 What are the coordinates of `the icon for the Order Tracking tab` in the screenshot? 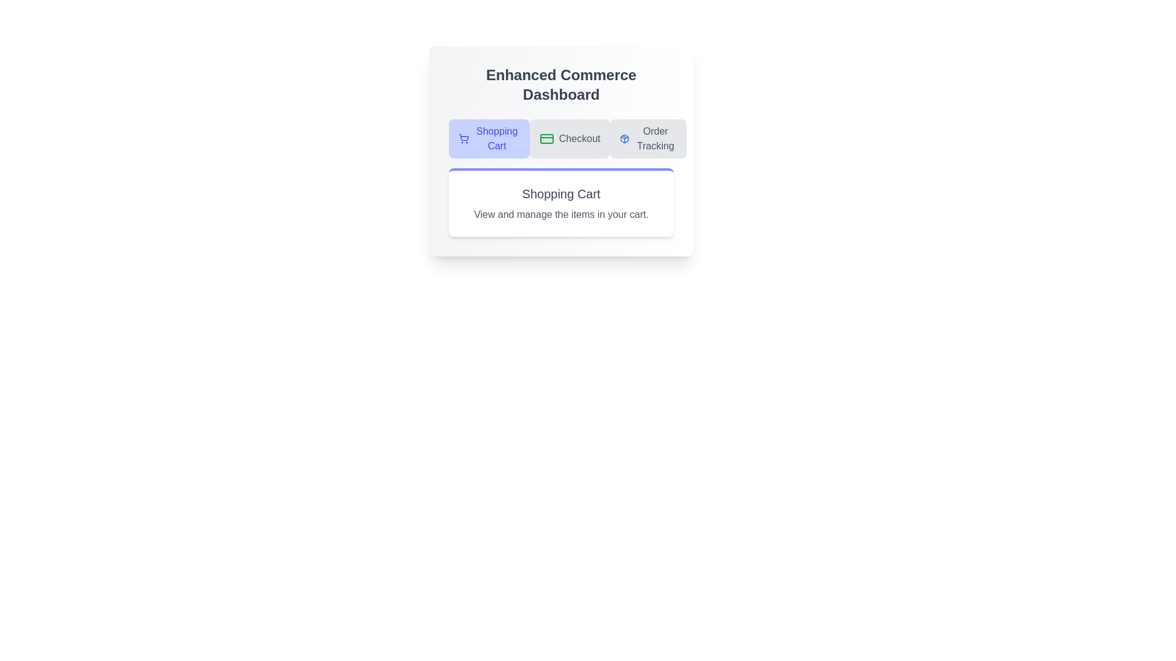 It's located at (625, 138).